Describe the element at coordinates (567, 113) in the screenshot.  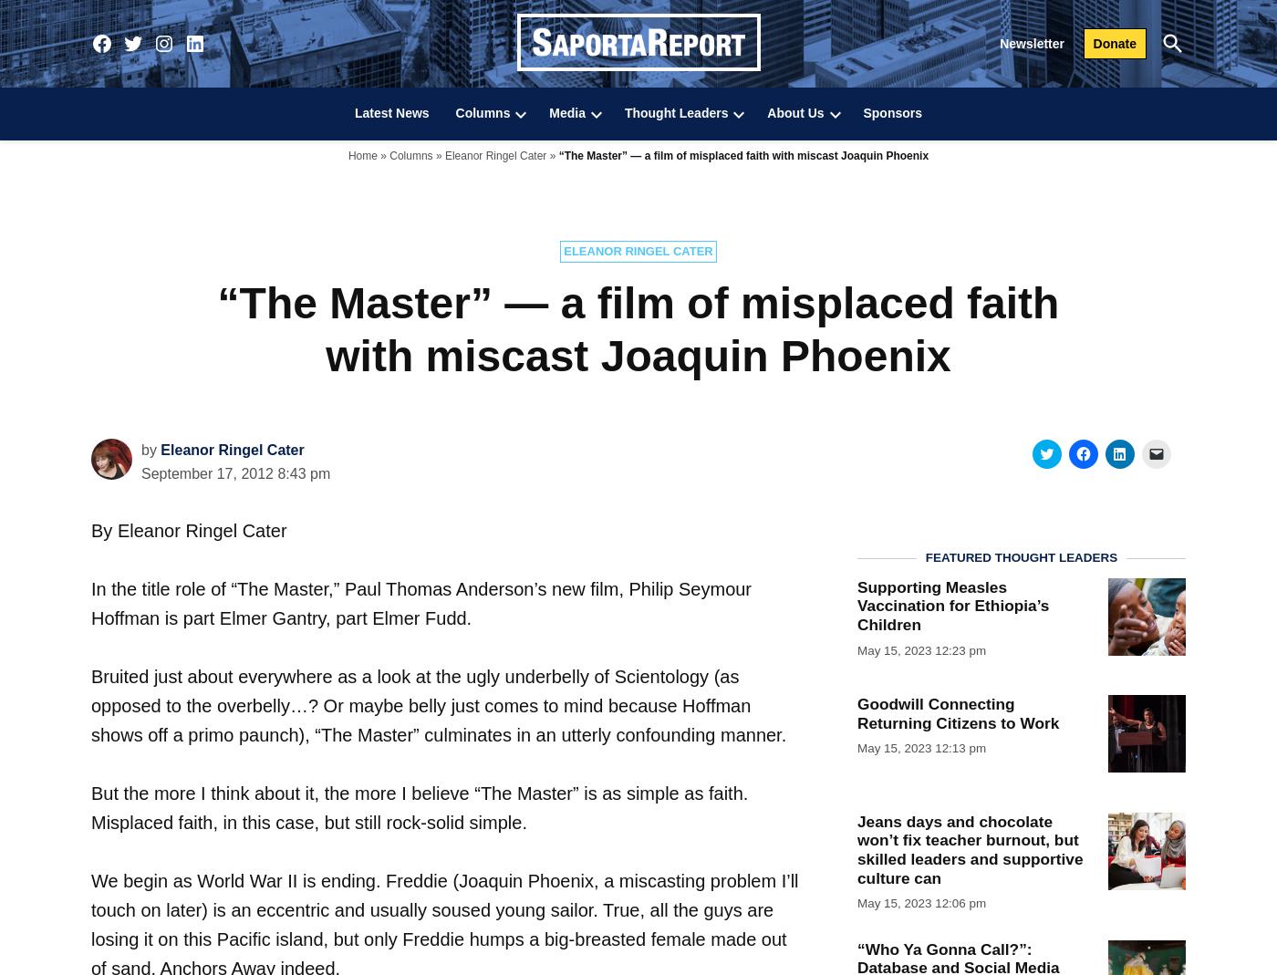
I see `'Media'` at that location.